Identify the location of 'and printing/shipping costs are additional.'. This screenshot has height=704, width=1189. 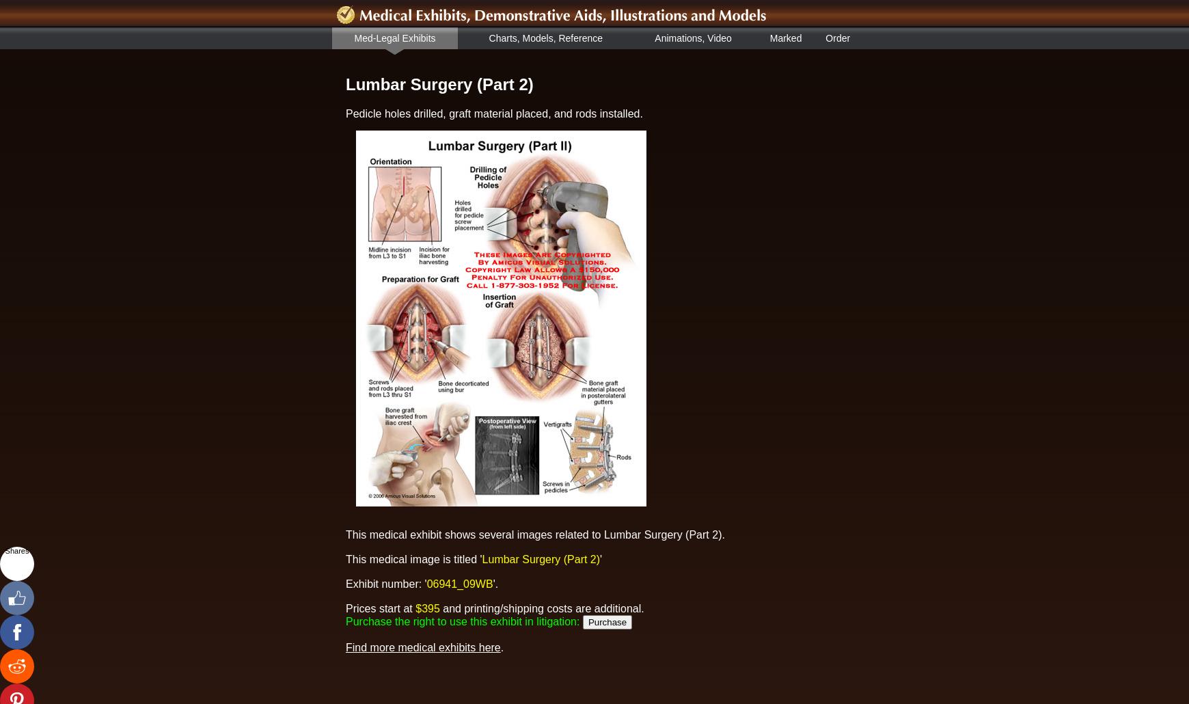
(438, 608).